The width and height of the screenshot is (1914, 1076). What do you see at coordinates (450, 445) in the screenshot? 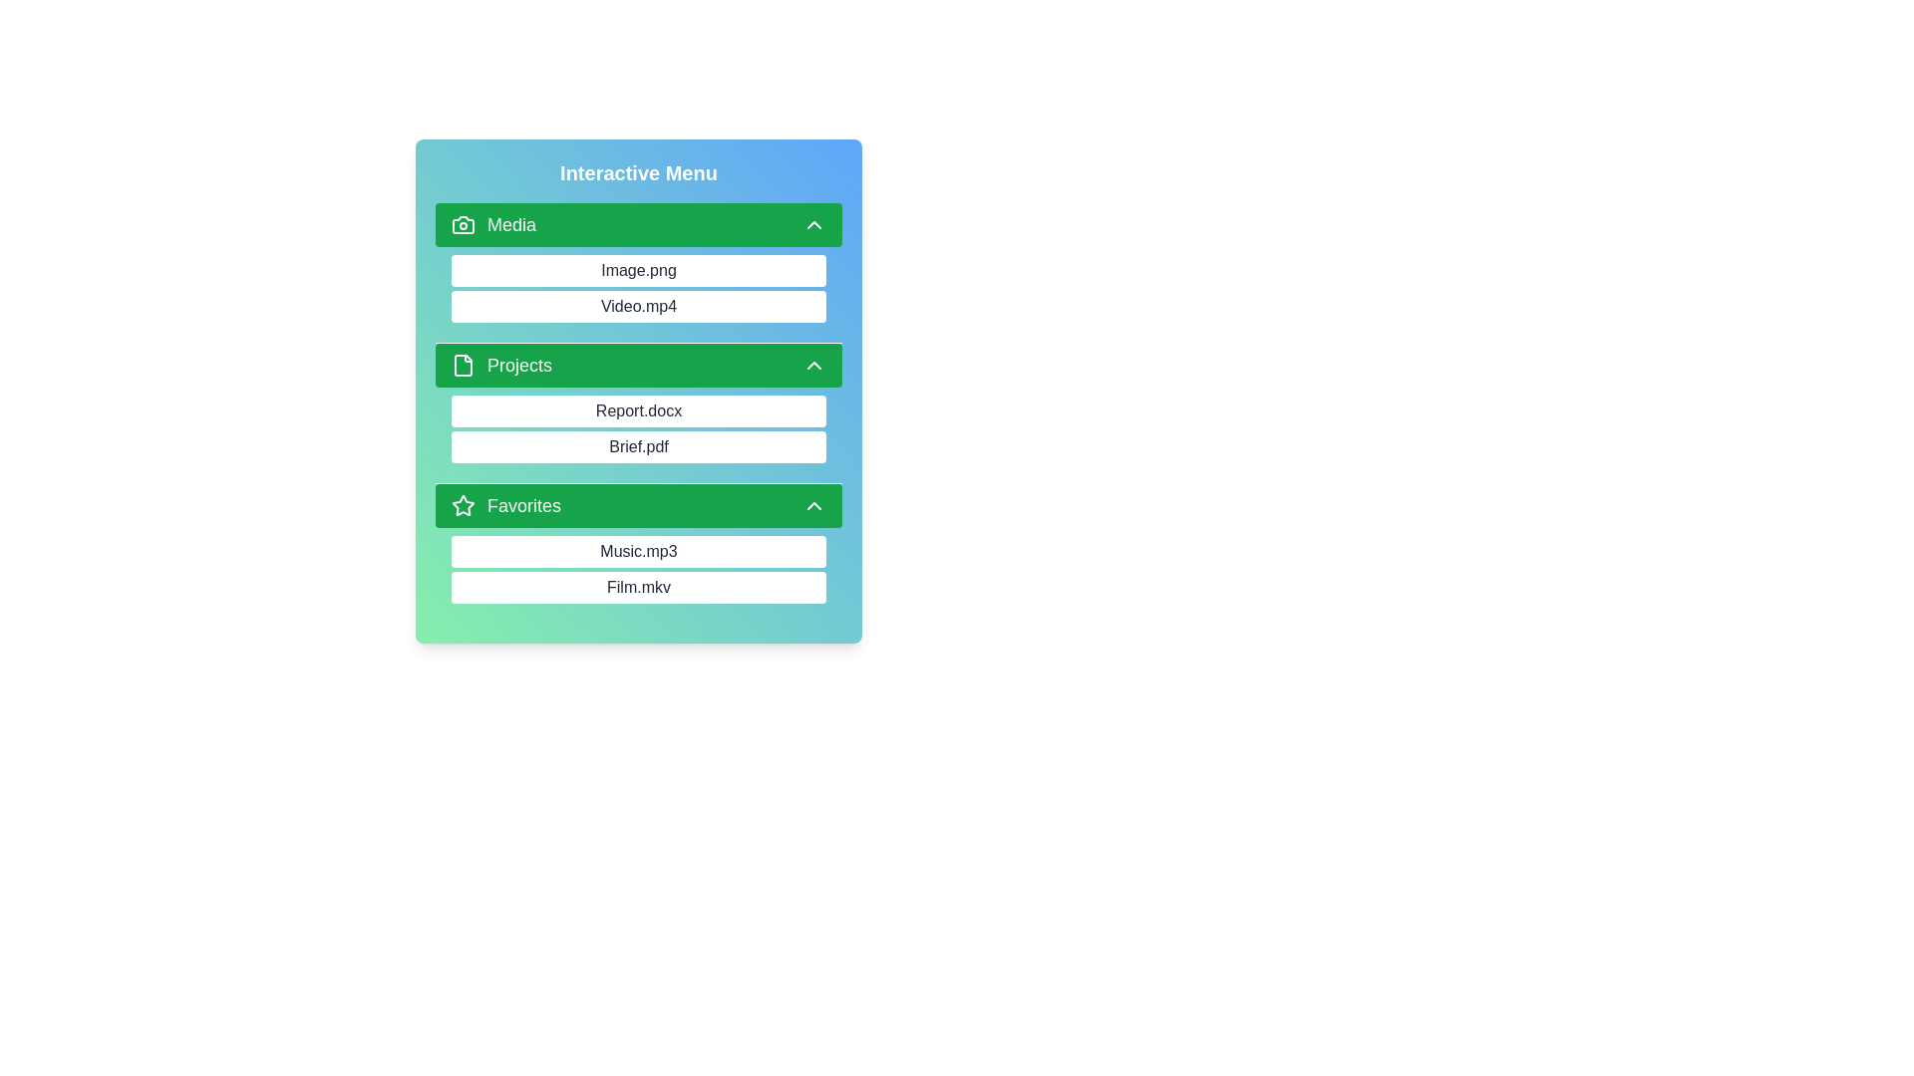
I see `the item Brief.pdf from the category Projects` at bounding box center [450, 445].